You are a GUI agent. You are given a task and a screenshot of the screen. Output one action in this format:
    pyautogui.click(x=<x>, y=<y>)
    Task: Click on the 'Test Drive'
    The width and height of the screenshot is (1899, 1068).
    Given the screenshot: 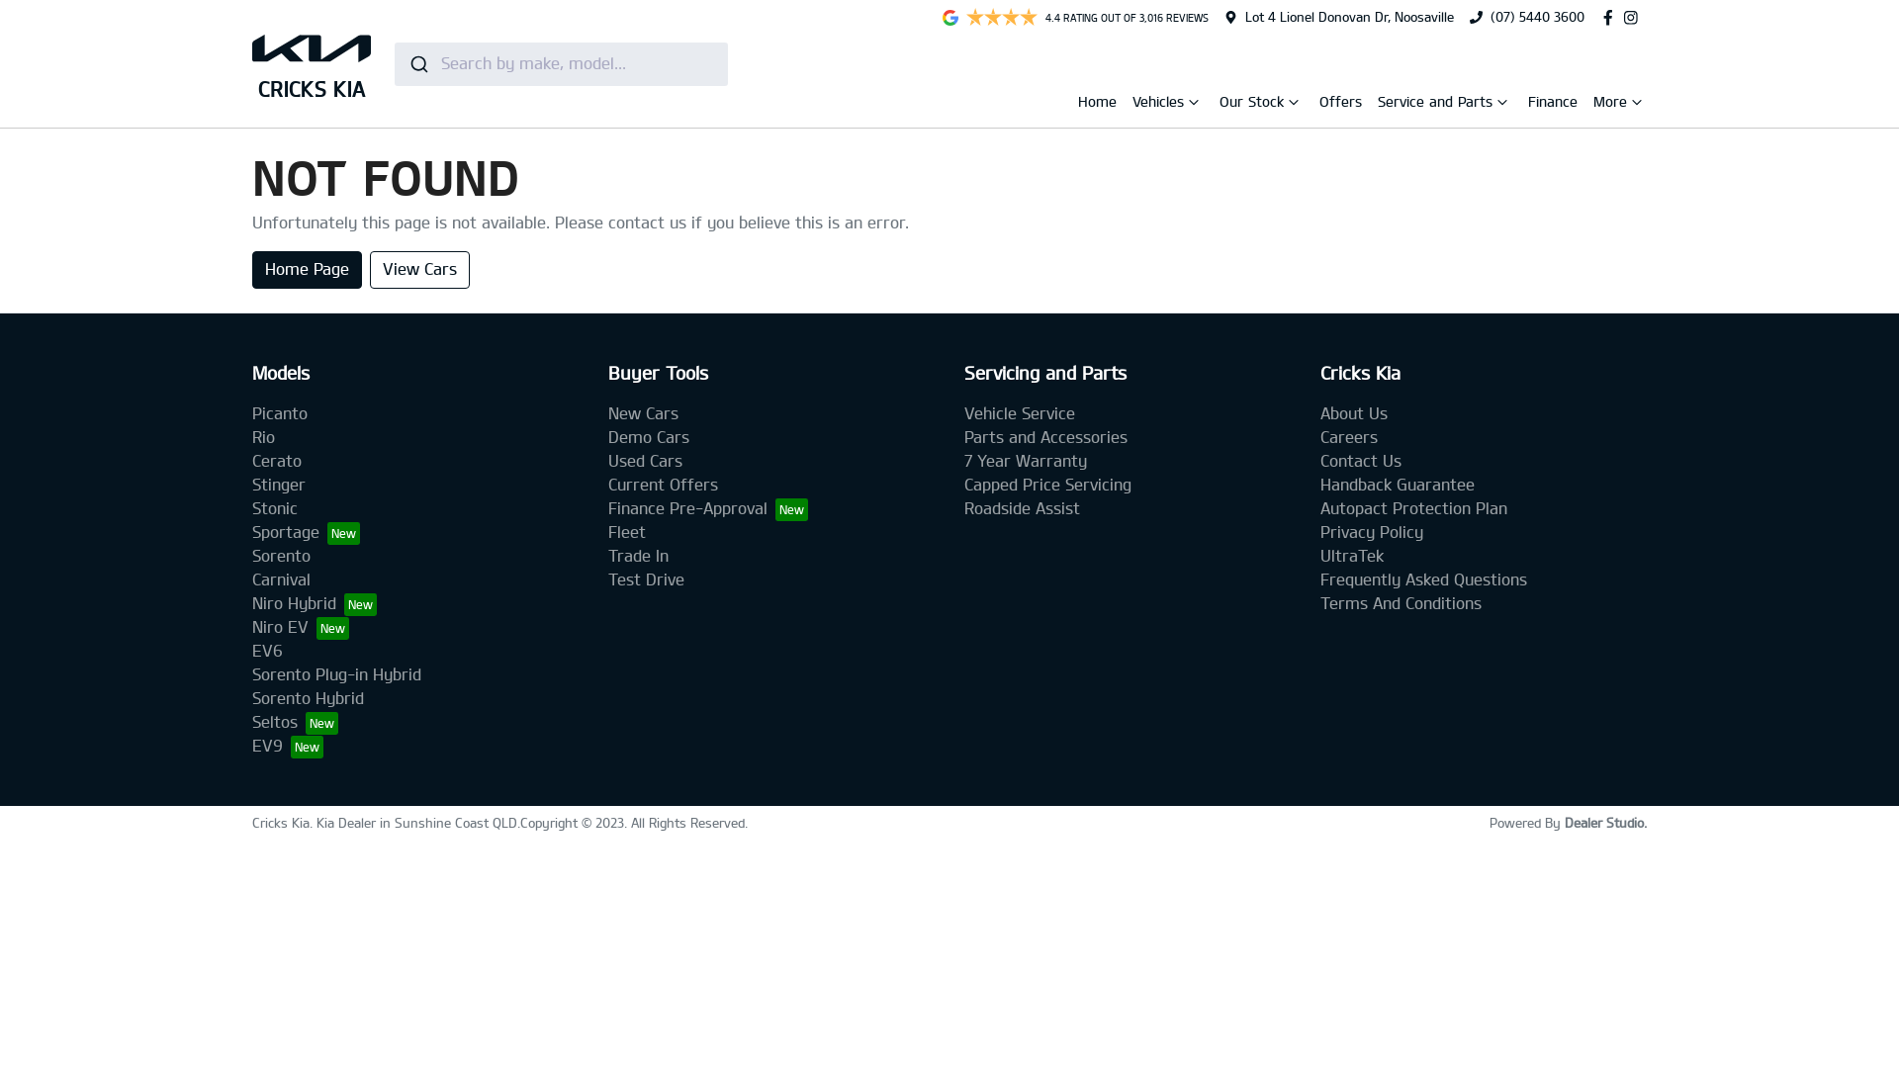 What is the action you would take?
    pyautogui.click(x=646, y=578)
    